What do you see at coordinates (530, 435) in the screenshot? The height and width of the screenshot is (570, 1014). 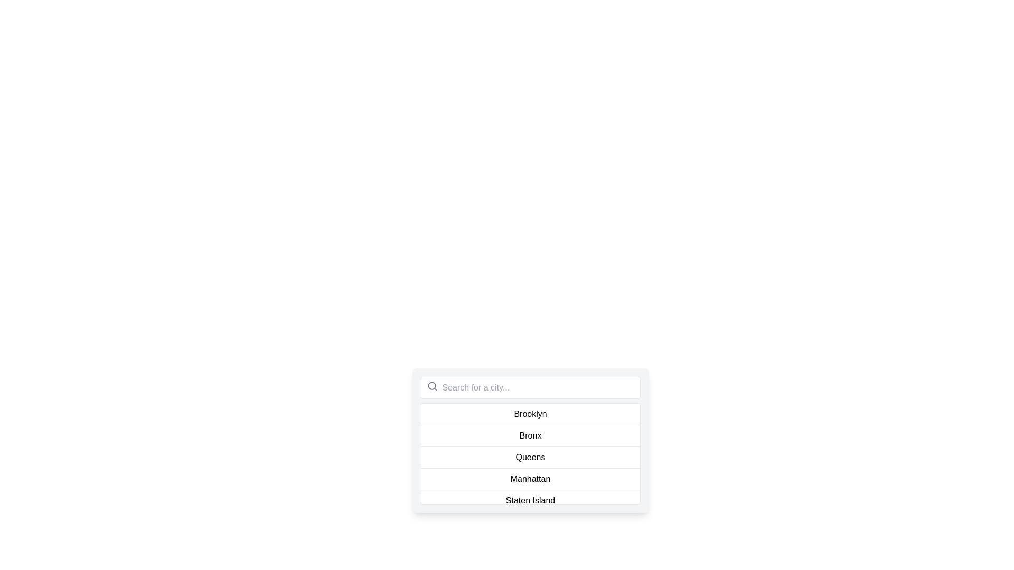 I see `the text label displaying 'Bronx'` at bounding box center [530, 435].